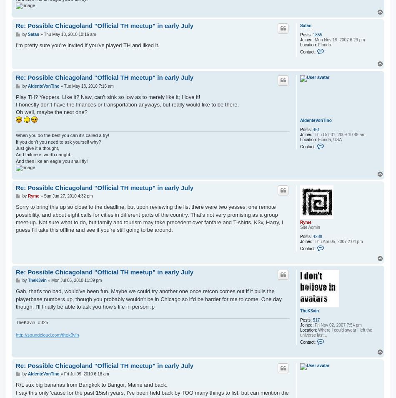 This screenshot has width=396, height=398. I want to click on 'http://soundcloud.com/thek3vin', so click(47, 335).